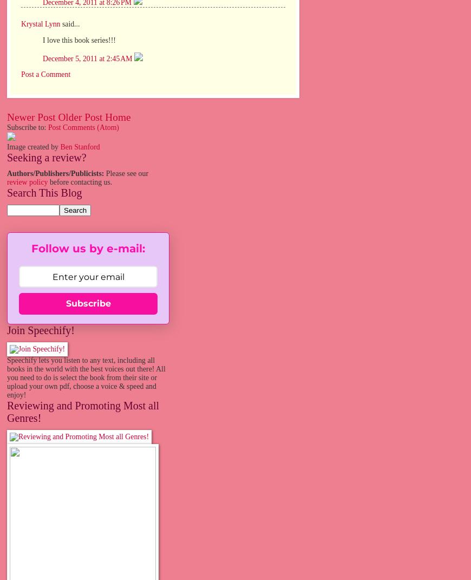  What do you see at coordinates (82, 412) in the screenshot?
I see `'Reviewing and Promoting Most all Genres!'` at bounding box center [82, 412].